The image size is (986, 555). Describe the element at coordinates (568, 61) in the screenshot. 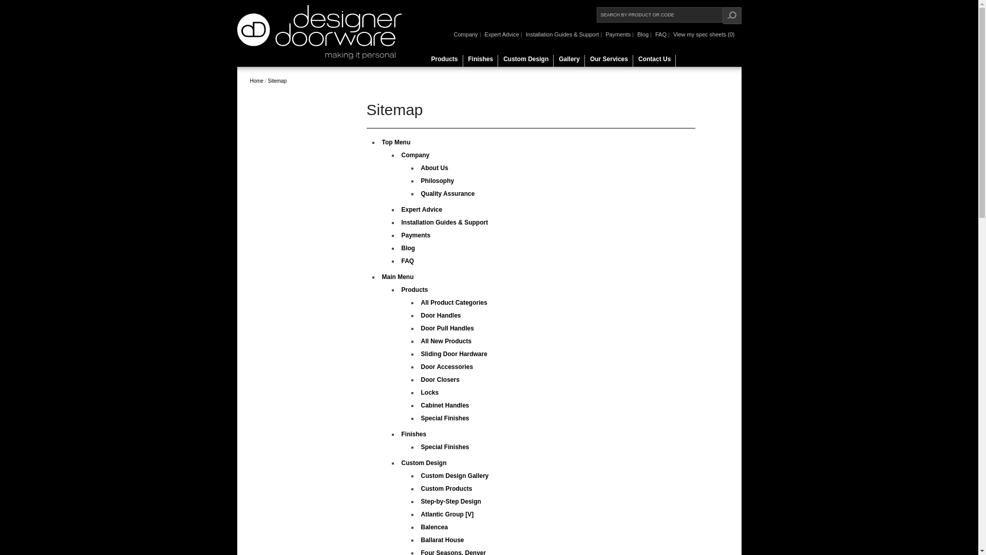

I see `'Gallery'` at that location.